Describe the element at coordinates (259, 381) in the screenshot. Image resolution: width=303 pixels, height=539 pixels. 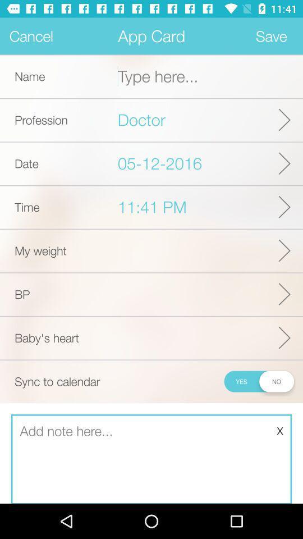
I see `the yesno button which is right to the text sync to calender` at that location.